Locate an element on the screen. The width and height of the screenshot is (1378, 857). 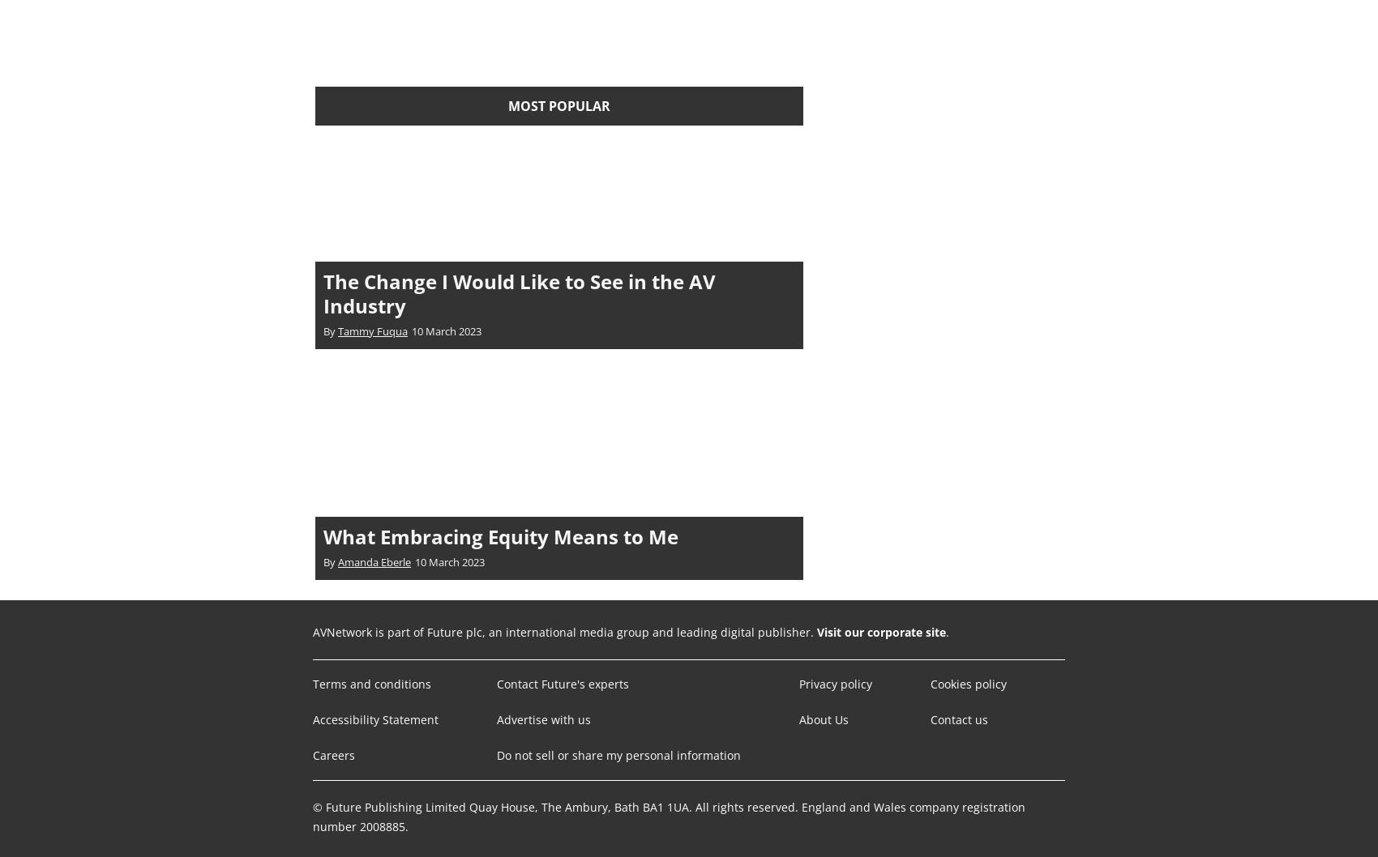
'About Us' is located at coordinates (823, 718).